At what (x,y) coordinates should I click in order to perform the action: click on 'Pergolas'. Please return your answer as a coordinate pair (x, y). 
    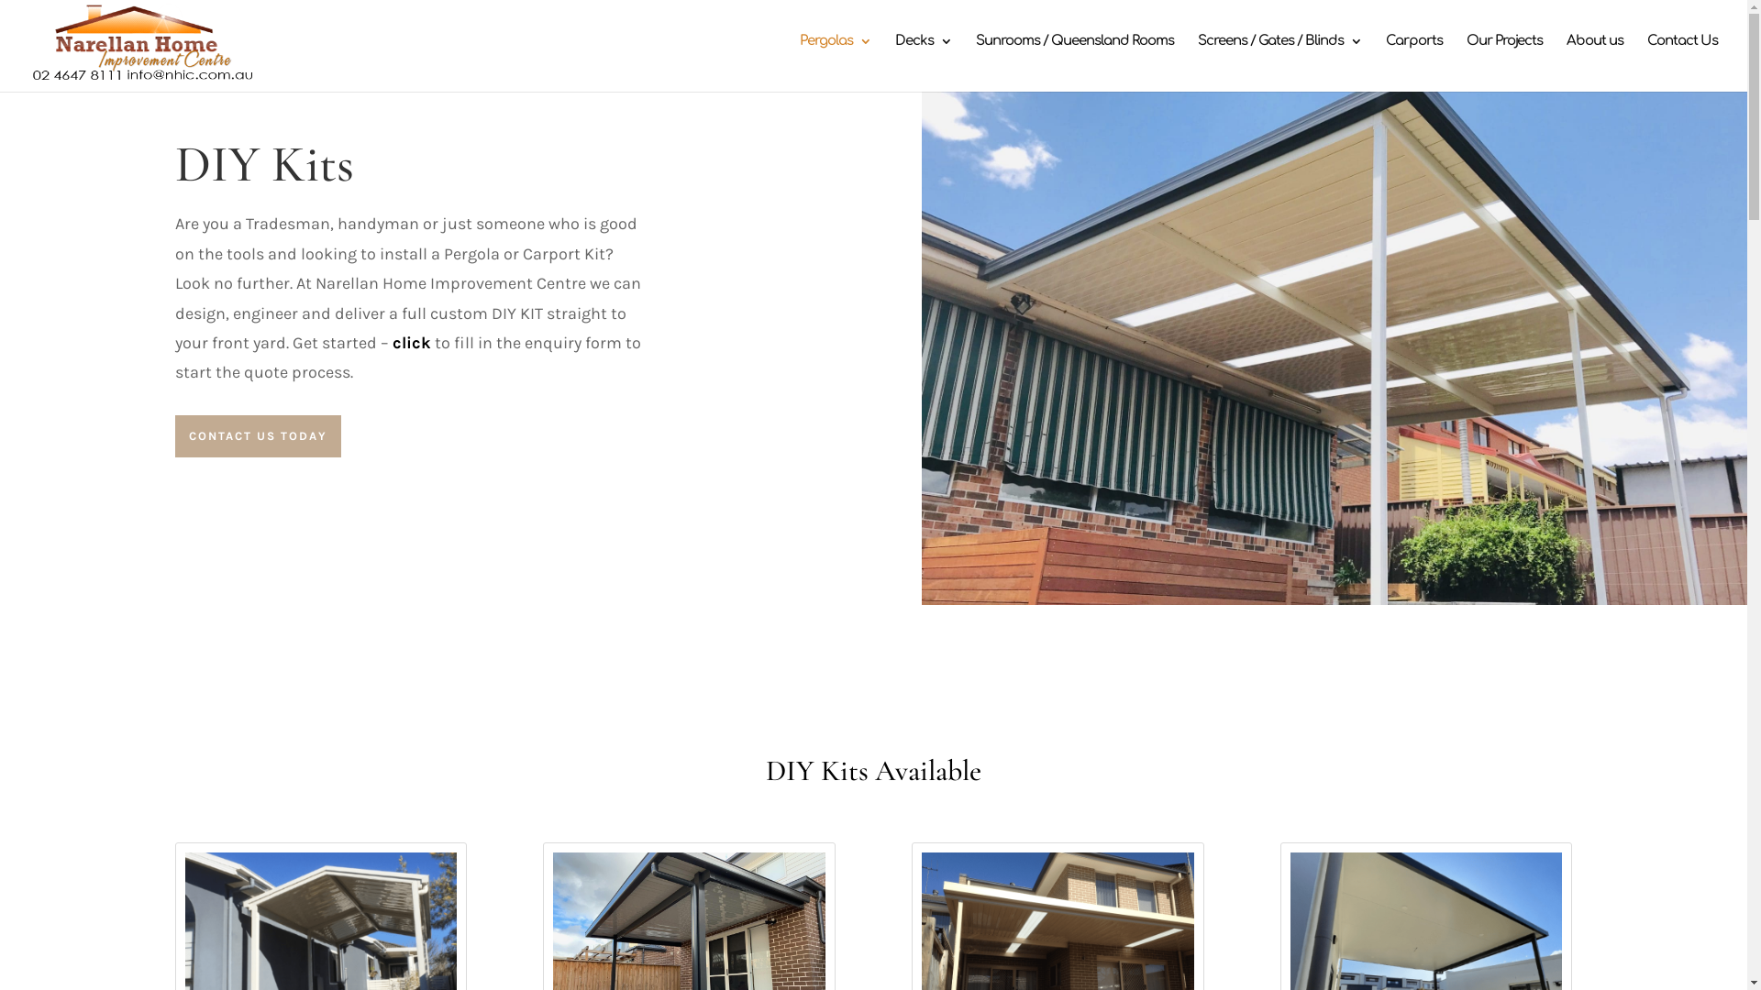
    Looking at the image, I should click on (835, 58).